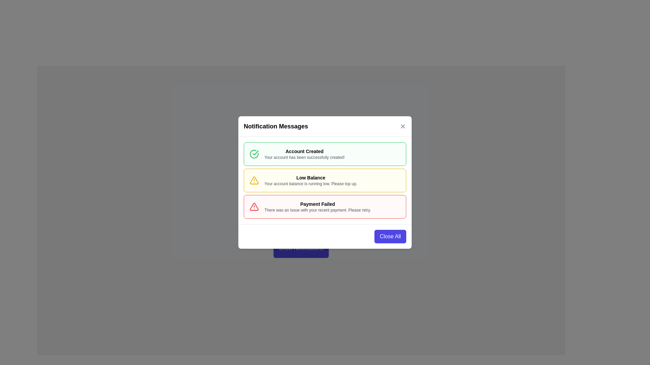  I want to click on the notification message regarding a failed payment, located in the third notification box below the 'Account Created' and 'Low Balance' notifications, so click(317, 206).